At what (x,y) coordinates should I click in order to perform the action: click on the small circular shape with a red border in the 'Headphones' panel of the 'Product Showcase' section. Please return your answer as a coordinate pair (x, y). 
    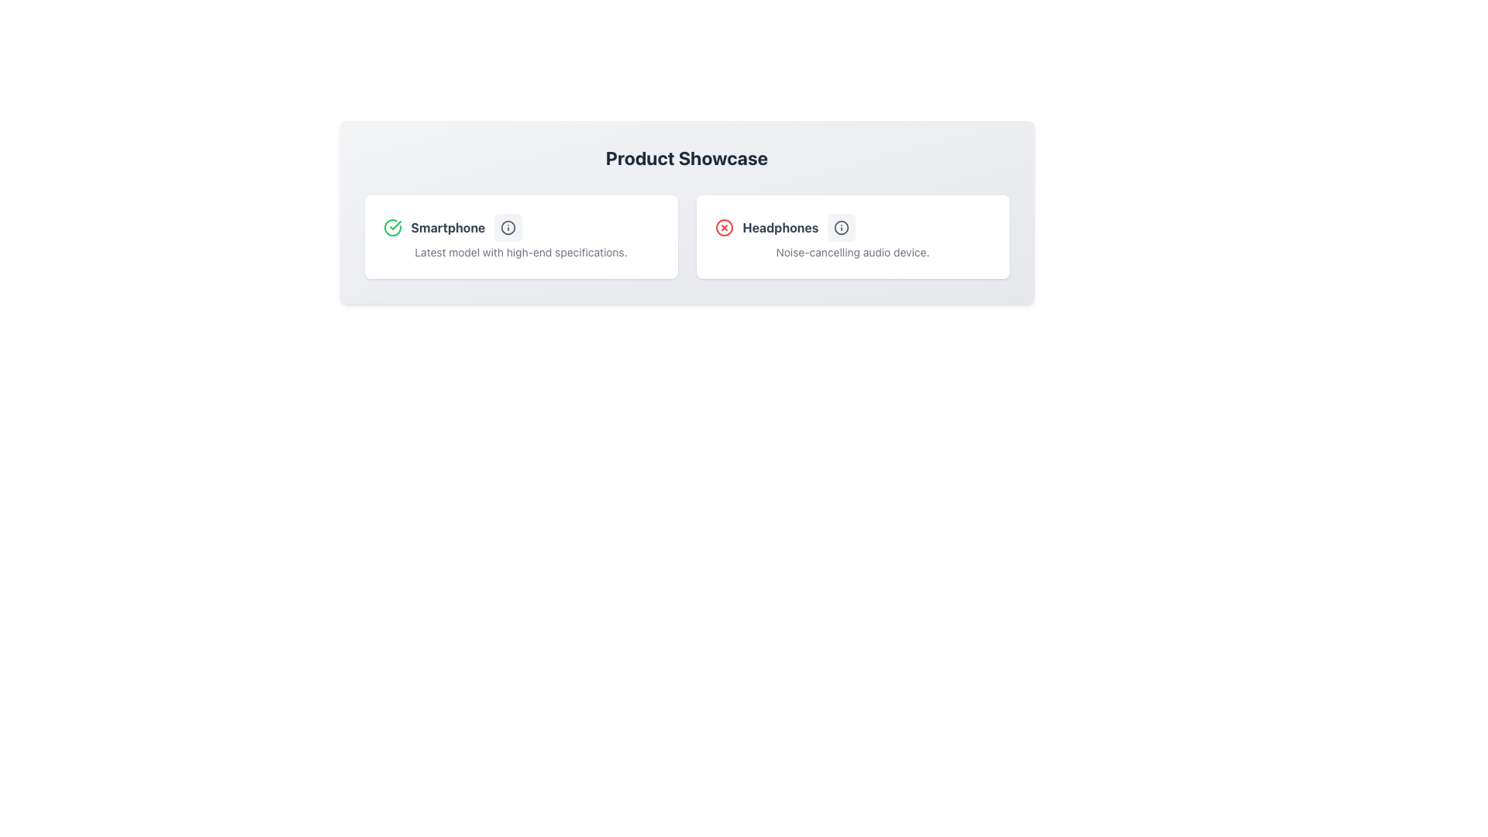
    Looking at the image, I should click on (723, 227).